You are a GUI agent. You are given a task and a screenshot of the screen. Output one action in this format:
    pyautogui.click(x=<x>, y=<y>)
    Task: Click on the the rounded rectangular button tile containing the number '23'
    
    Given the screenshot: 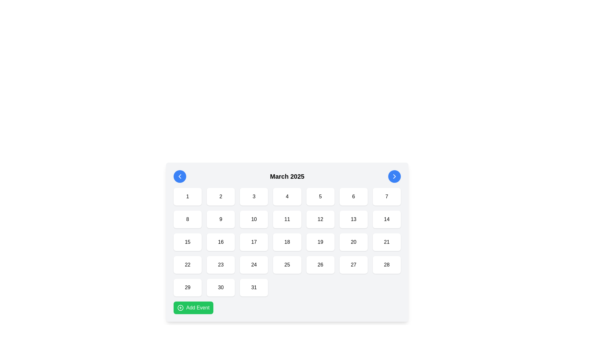 What is the action you would take?
    pyautogui.click(x=221, y=265)
    